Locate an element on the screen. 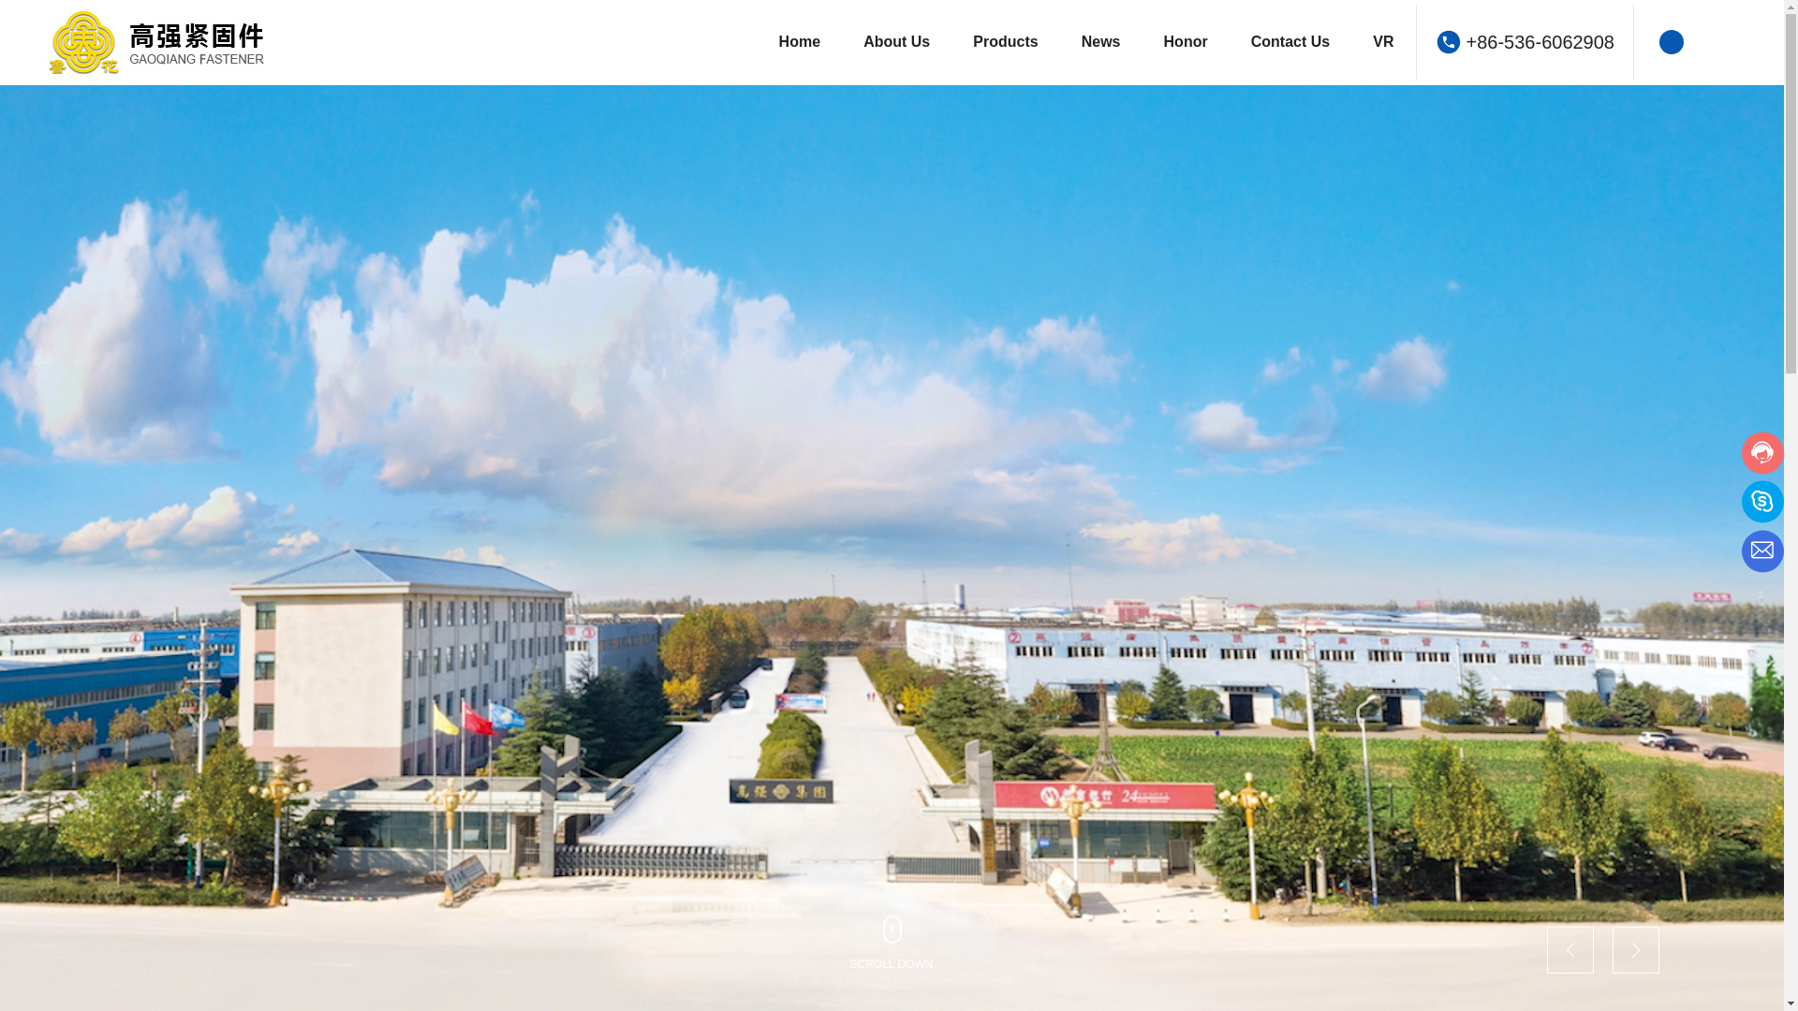 The width and height of the screenshot is (1798, 1011). 'Contact Us' is located at coordinates (1290, 42).